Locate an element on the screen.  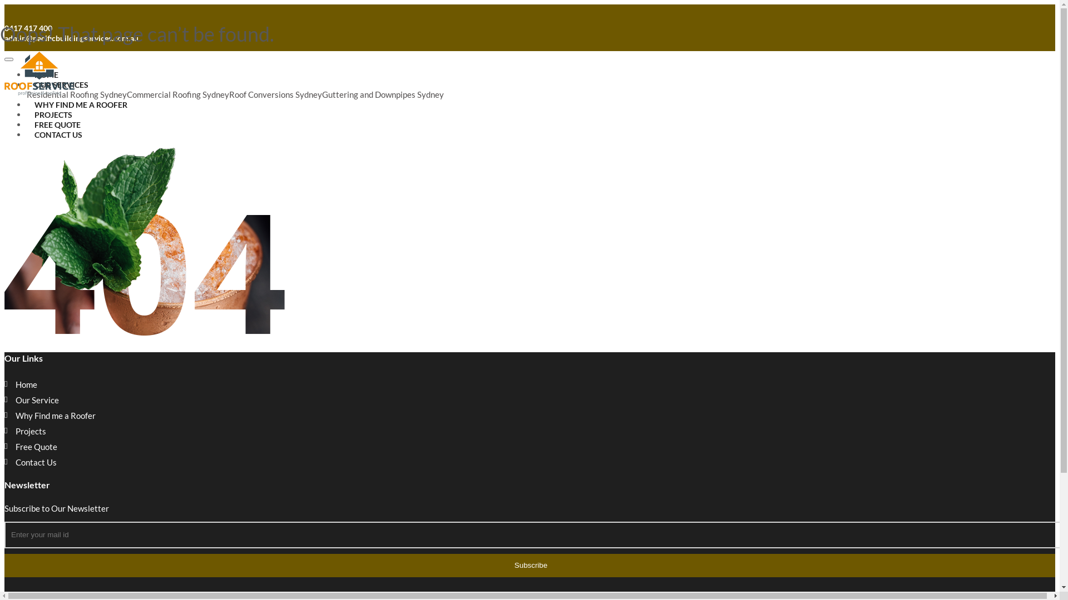
'WHY FIND ME A ROOFER' is located at coordinates (80, 104).